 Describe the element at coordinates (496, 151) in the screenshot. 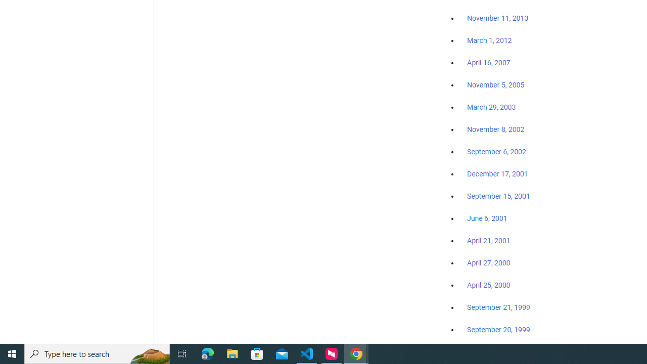

I see `'September 6, 2002'` at that location.